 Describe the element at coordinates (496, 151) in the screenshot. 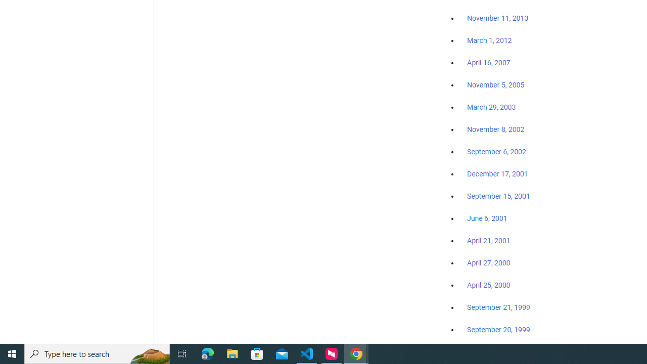

I see `'September 6, 2002'` at that location.